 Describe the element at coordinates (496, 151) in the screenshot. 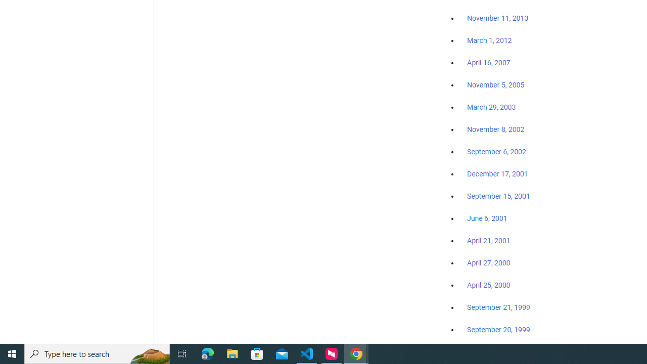

I see `'September 6, 2002'` at that location.